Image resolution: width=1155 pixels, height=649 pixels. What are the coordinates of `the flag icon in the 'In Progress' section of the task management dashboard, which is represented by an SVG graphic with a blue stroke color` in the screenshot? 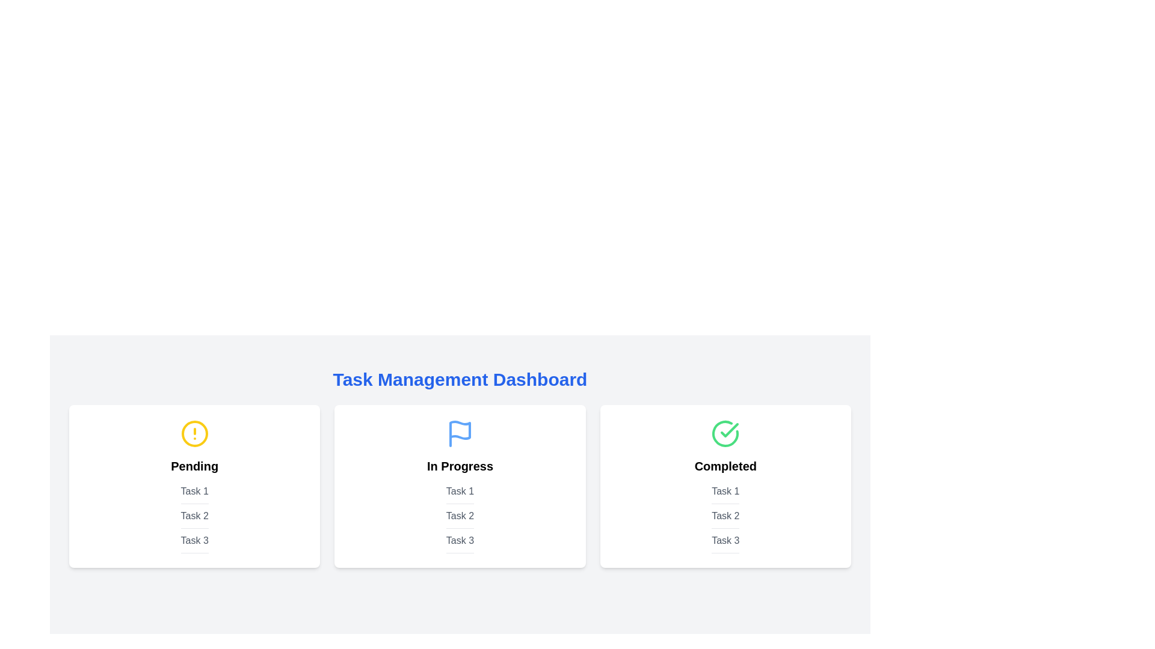 It's located at (459, 430).